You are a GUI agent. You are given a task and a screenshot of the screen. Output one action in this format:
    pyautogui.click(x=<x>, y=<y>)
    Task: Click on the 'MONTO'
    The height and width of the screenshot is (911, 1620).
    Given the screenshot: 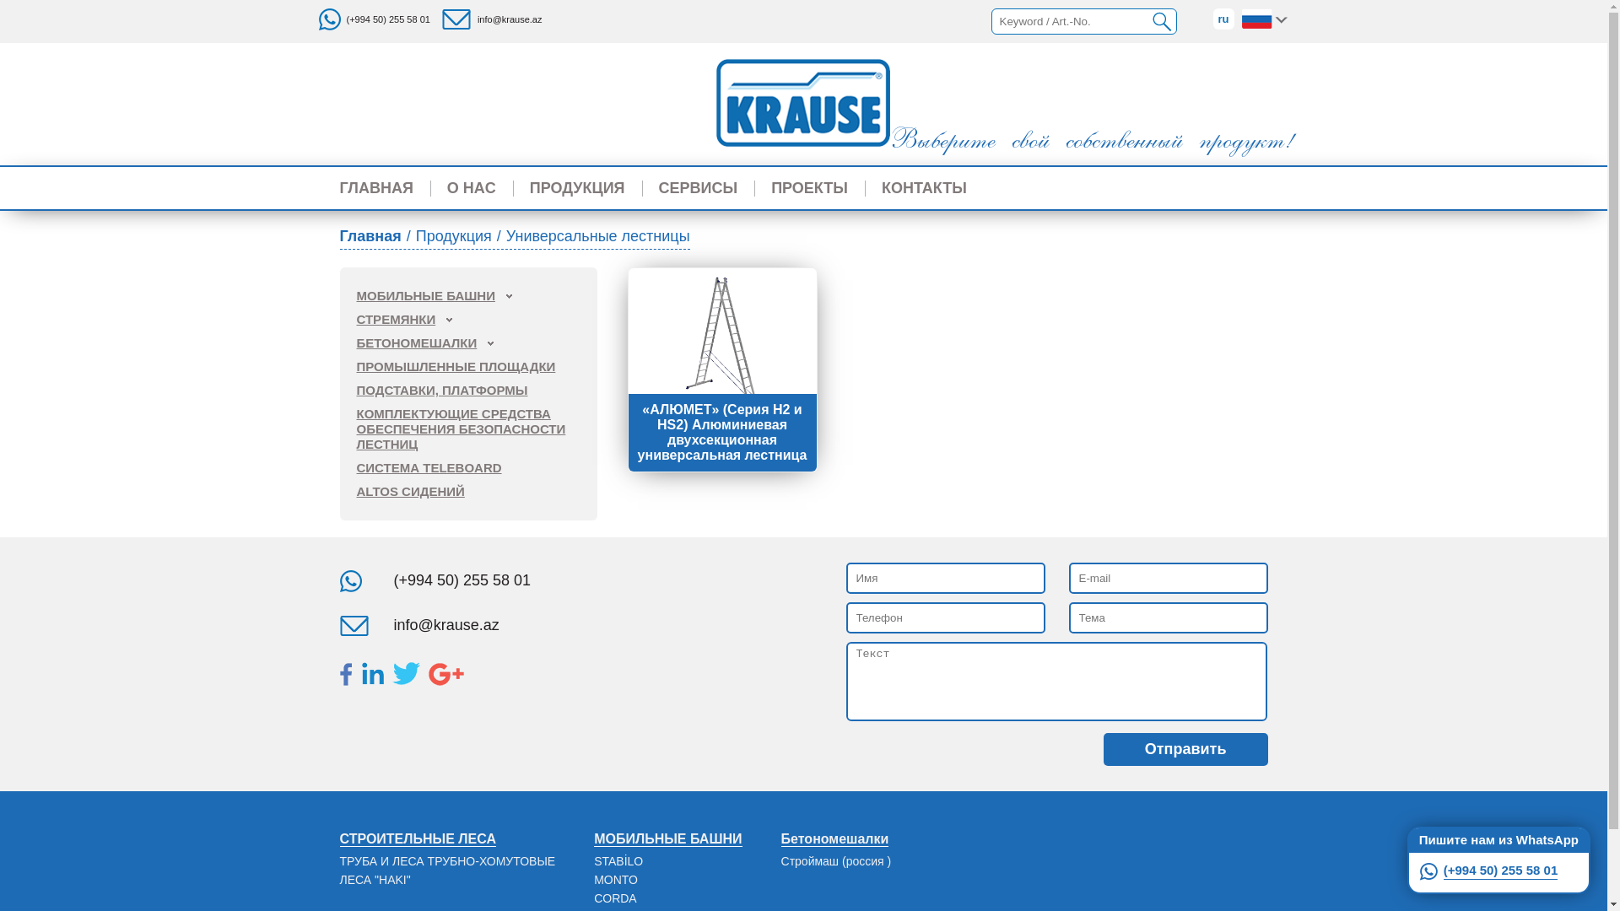 What is the action you would take?
    pyautogui.click(x=614, y=878)
    